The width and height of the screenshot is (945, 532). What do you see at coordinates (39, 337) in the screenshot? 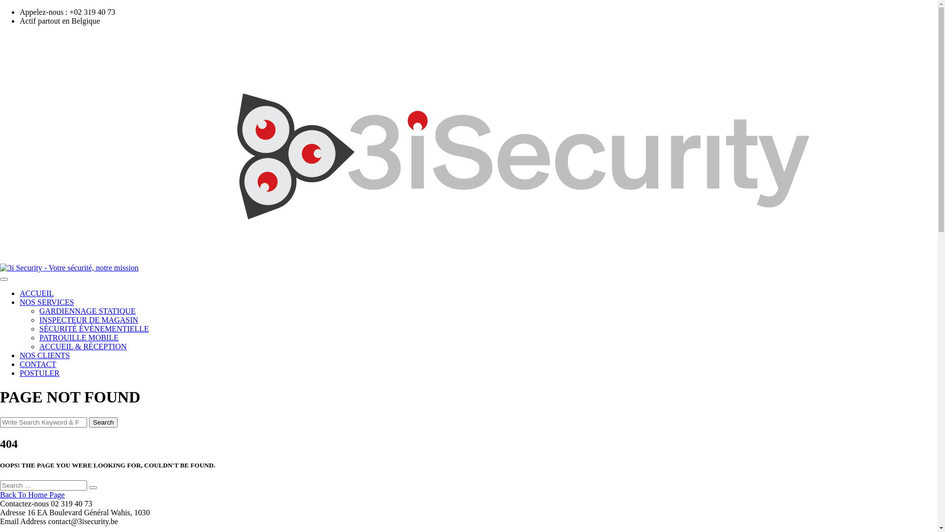
I see `'PATROUILLE MOBILE'` at bounding box center [39, 337].